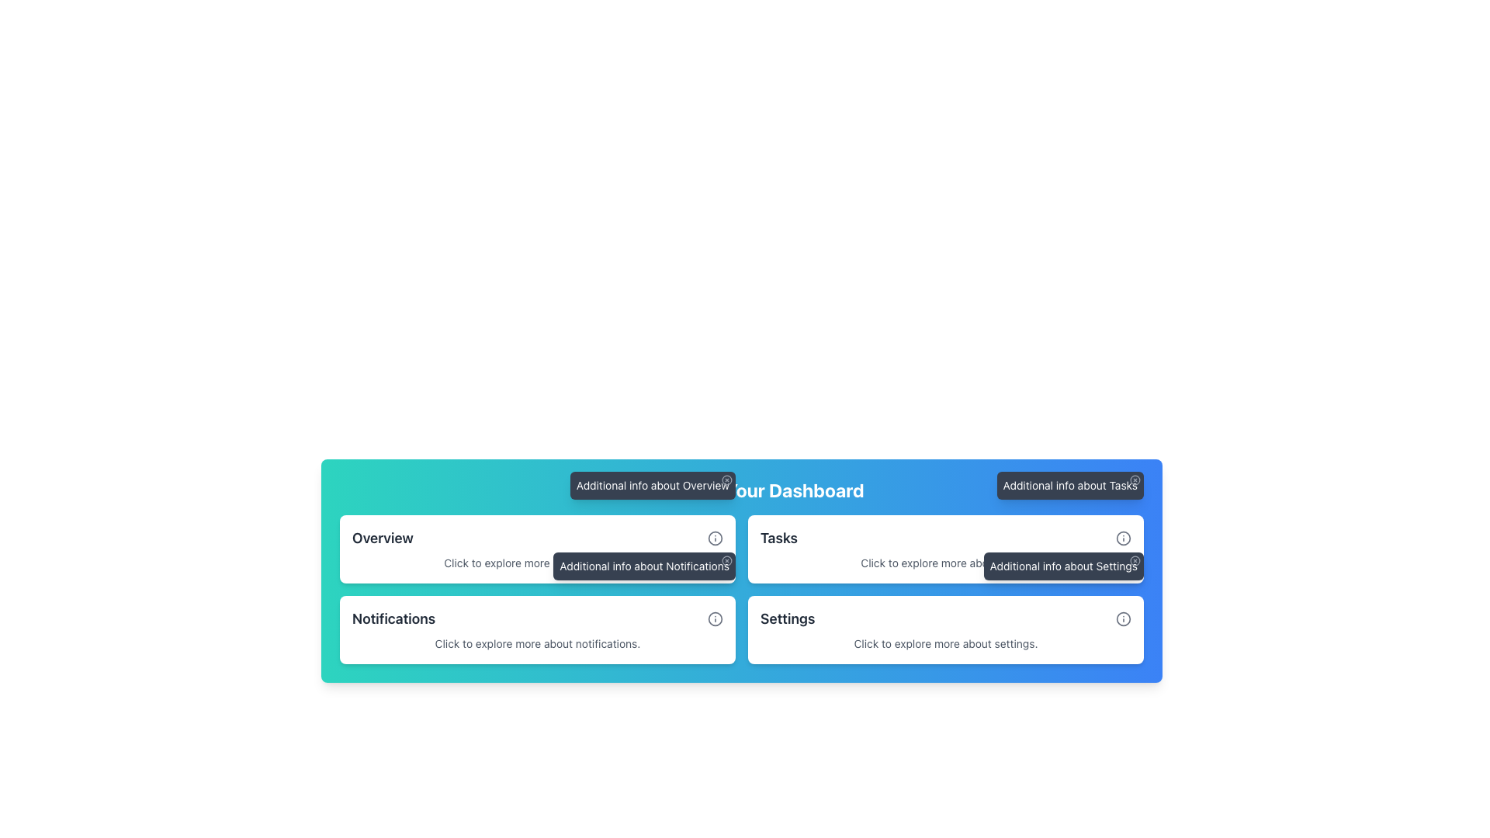  I want to click on the circular close button with a cross inside, located in the top-right corner of the 'Additional info about Tasks' tooltip, so click(1135, 479).